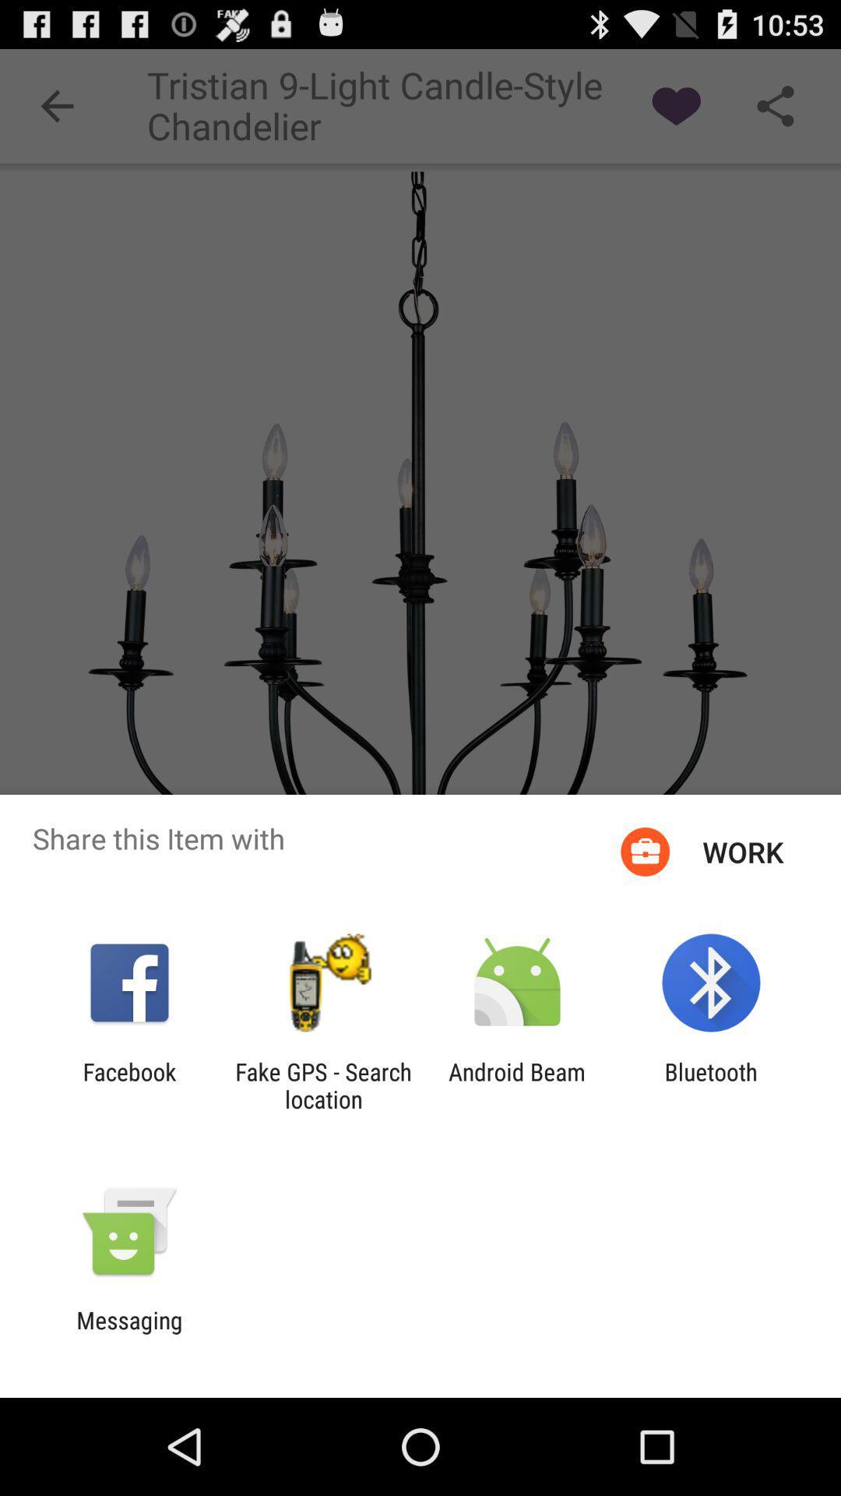 The image size is (841, 1496). What do you see at coordinates (711, 1085) in the screenshot?
I see `the item next to the android beam` at bounding box center [711, 1085].